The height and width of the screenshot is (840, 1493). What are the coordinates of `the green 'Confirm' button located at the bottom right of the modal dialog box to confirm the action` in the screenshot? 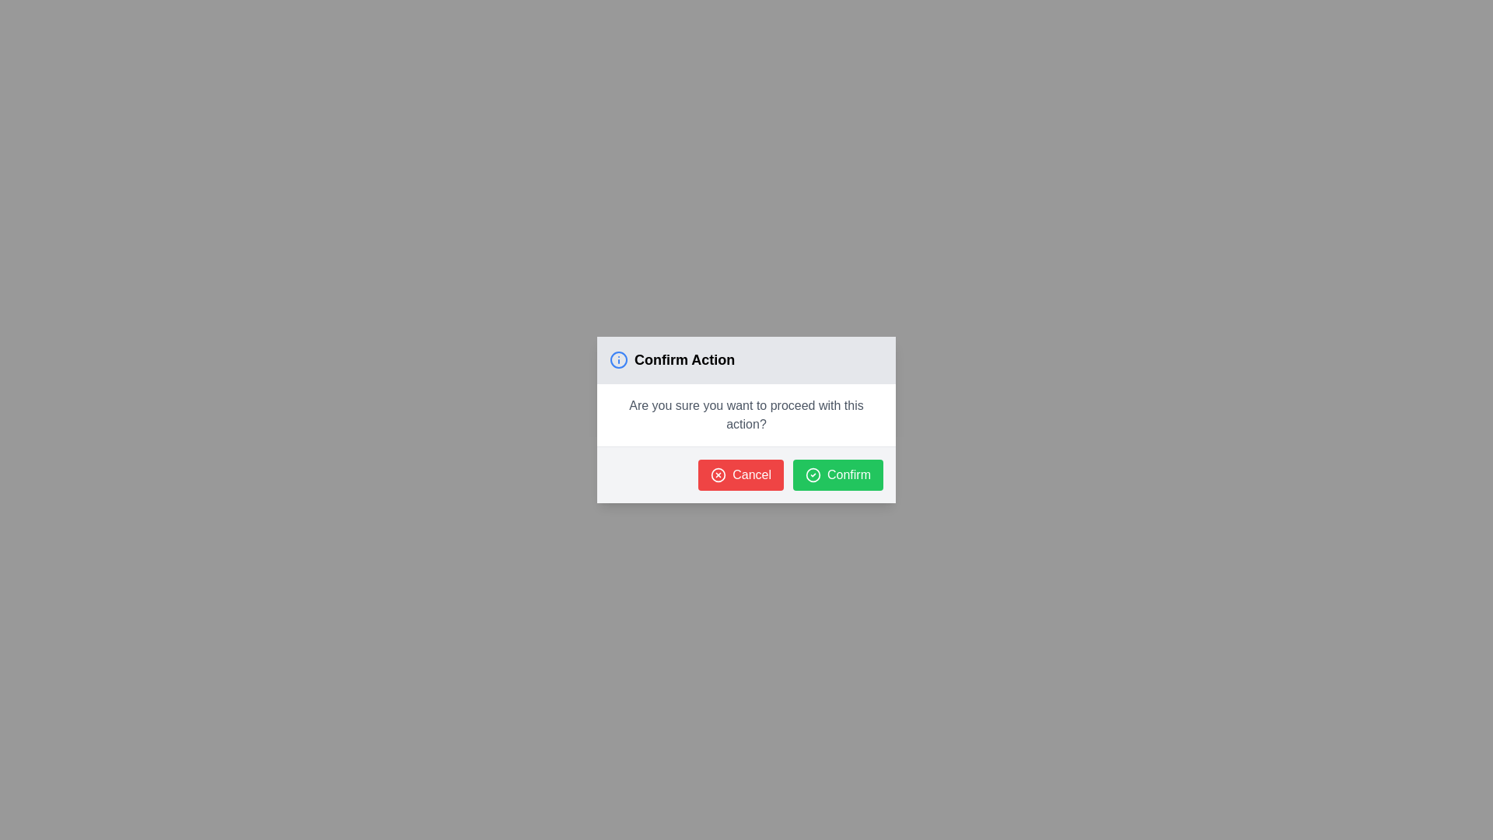 It's located at (837, 474).